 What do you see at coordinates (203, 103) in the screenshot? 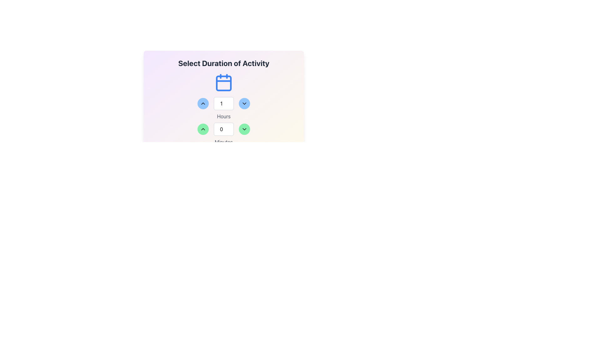
I see `the left button to increment the value in the 'Hours' numeric input field by one` at bounding box center [203, 103].